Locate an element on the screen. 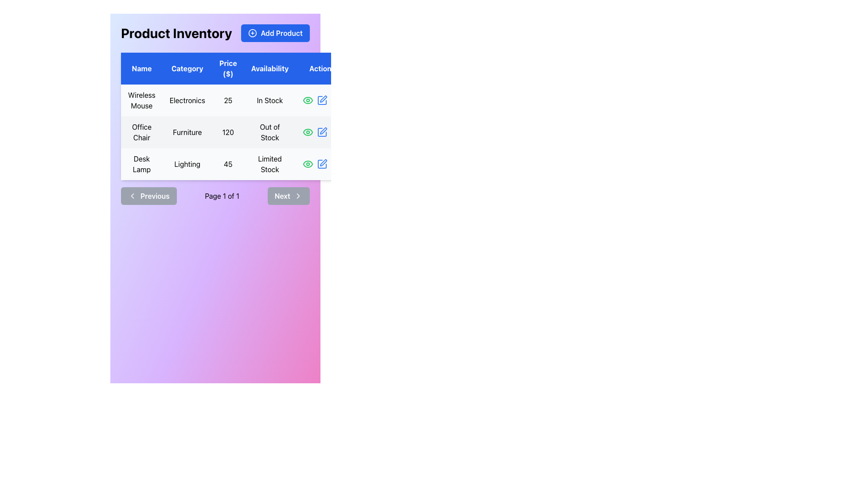  the table cell displaying the price of the 'Wireless Mouse' in the inventory table, located in the 'Price ($)' column, first row, third item is located at coordinates (228, 100).